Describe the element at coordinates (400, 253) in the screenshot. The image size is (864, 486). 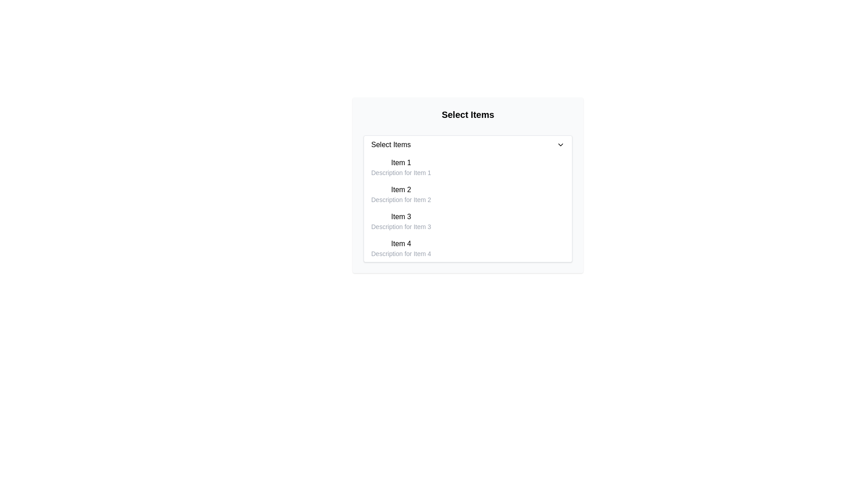
I see `the Text Label providing additional details about 'Item 4' in the dropdown list, which is located directly below the item title` at that location.